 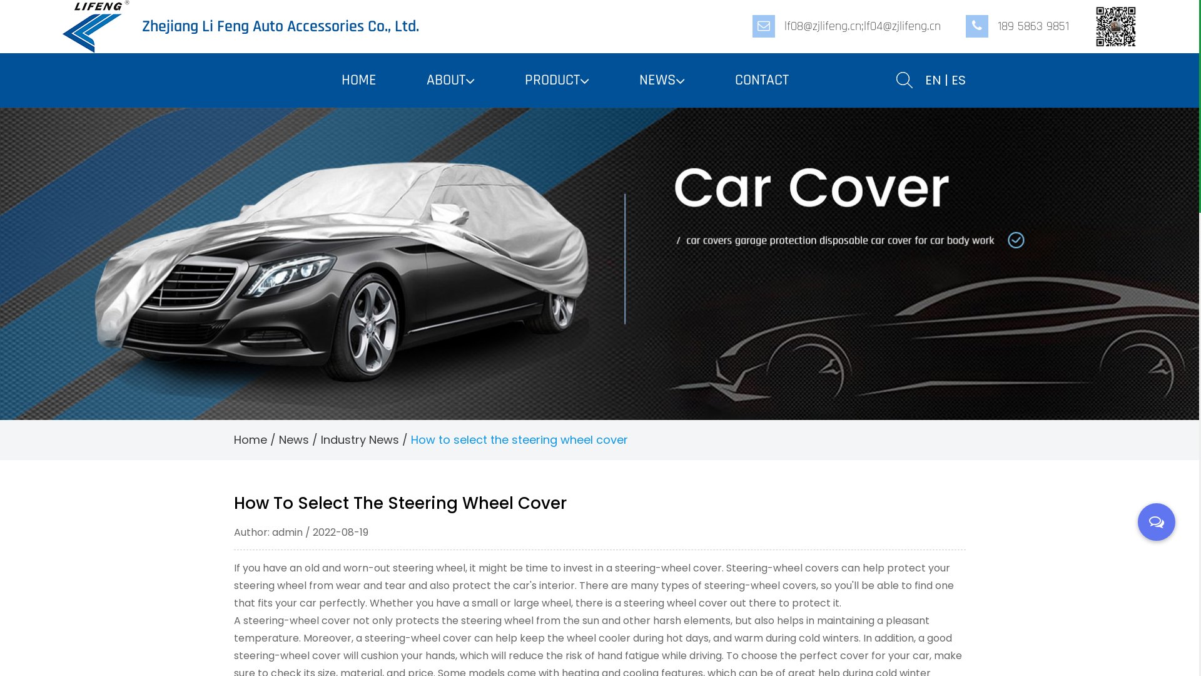 What do you see at coordinates (661, 80) in the screenshot?
I see `'NEWS'` at bounding box center [661, 80].